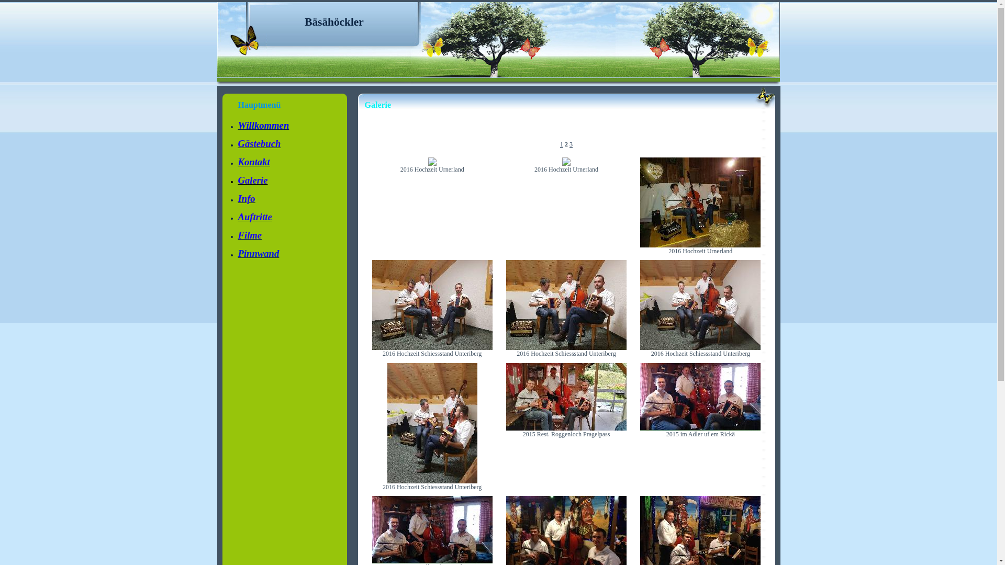 This screenshot has width=1005, height=565. I want to click on '2016 Hochzeit Schiessstand Unteriberg', so click(700, 347).